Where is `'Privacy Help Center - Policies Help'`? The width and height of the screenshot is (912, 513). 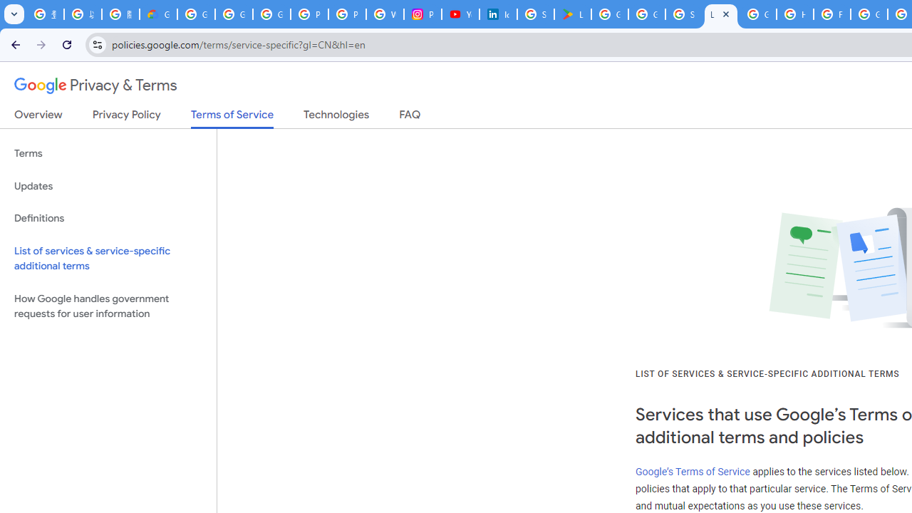 'Privacy Help Center - Policies Help' is located at coordinates (309, 14).